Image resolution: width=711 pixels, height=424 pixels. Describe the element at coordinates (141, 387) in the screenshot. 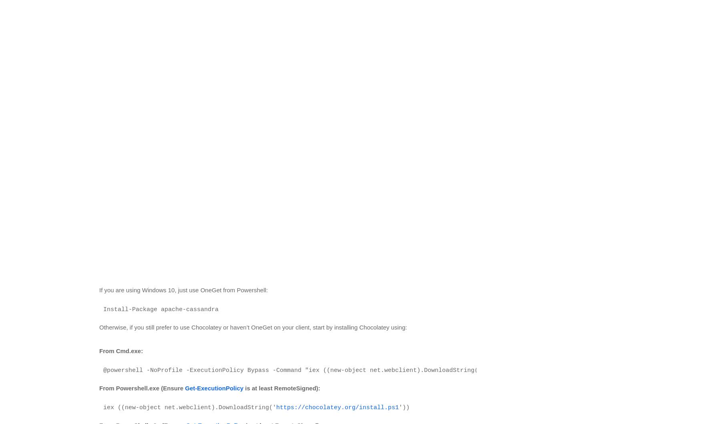

I see `'From Powershell.exe (Ensure'` at that location.